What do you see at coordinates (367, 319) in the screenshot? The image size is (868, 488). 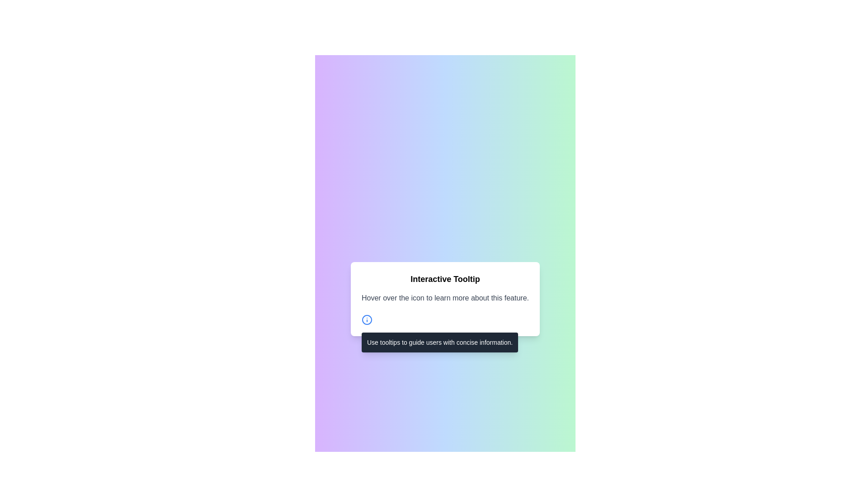 I see `Decorative SVG element, which is the circular outline of the info icon located beneath the 'Interactive Tooltip' text in the modal, using developer tools` at bounding box center [367, 319].